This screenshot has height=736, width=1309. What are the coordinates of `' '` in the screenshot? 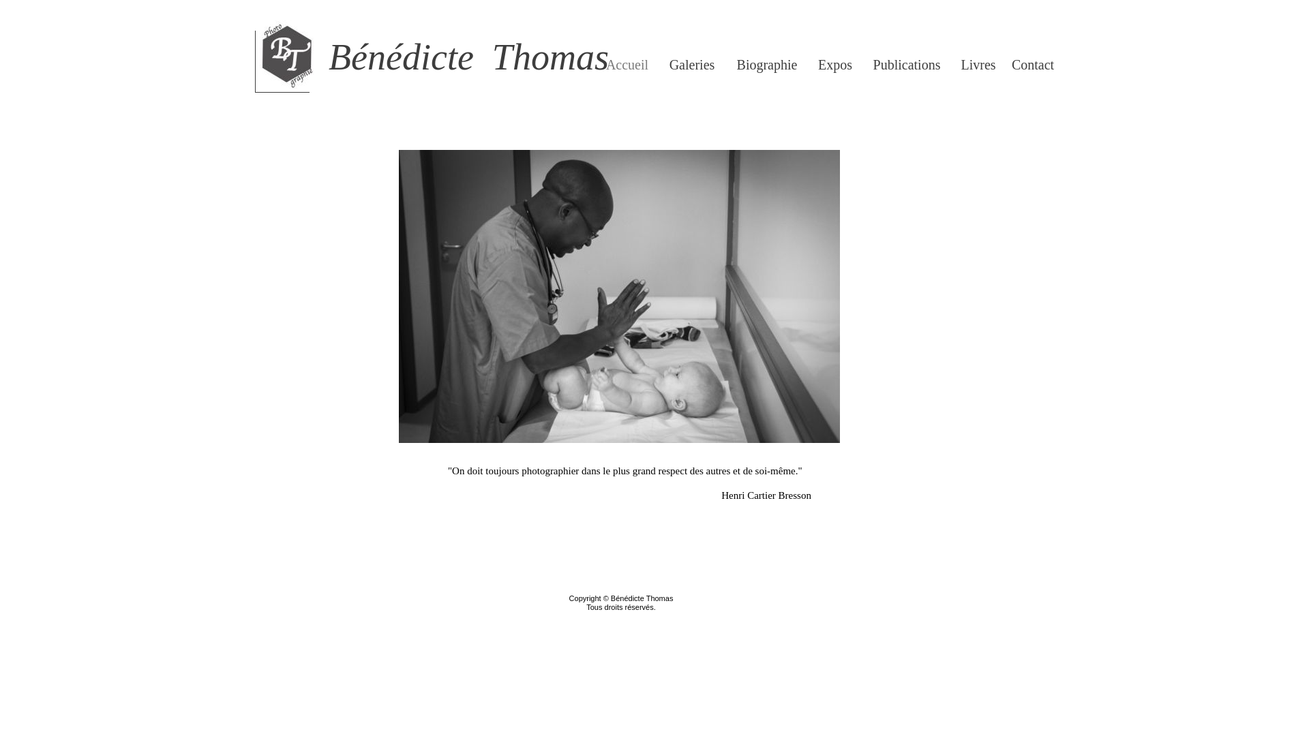 It's located at (246, 611).